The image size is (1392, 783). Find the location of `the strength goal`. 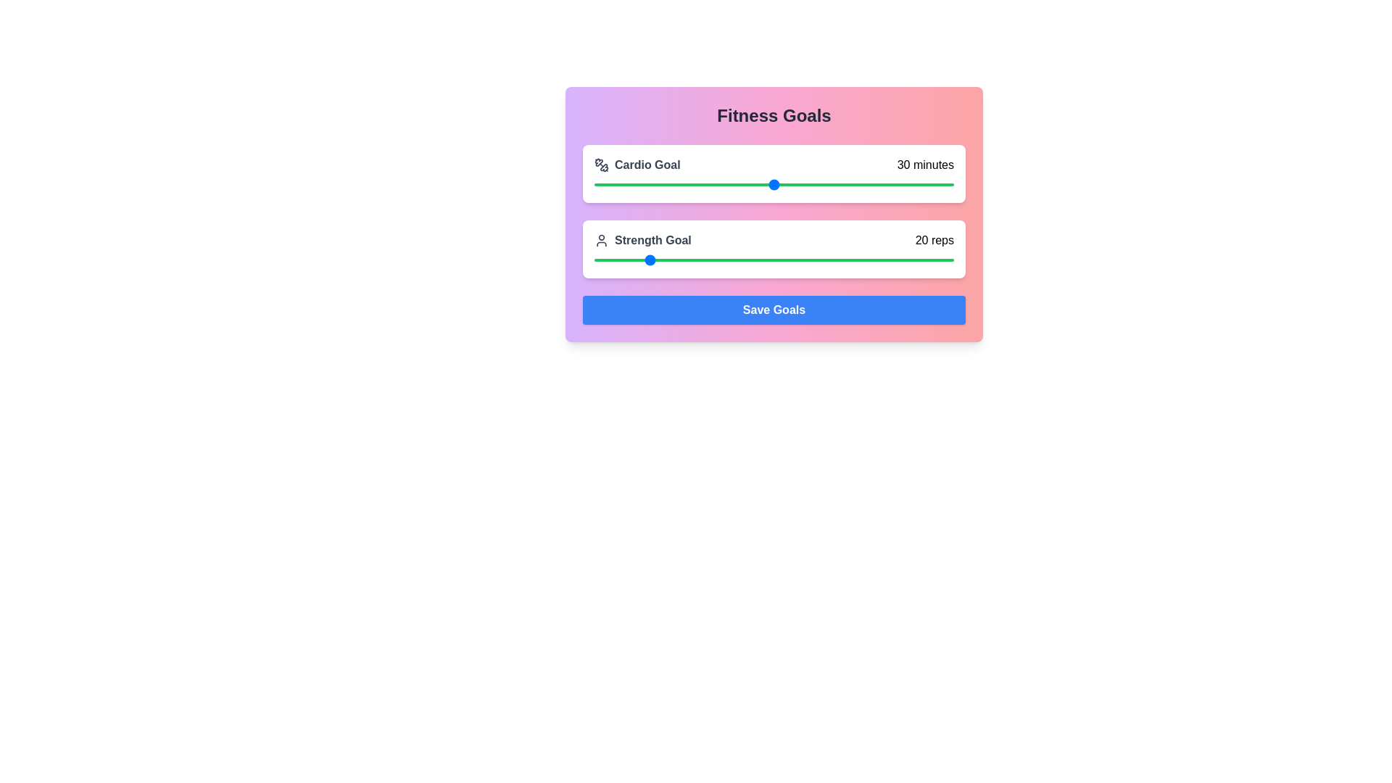

the strength goal is located at coordinates (779, 259).